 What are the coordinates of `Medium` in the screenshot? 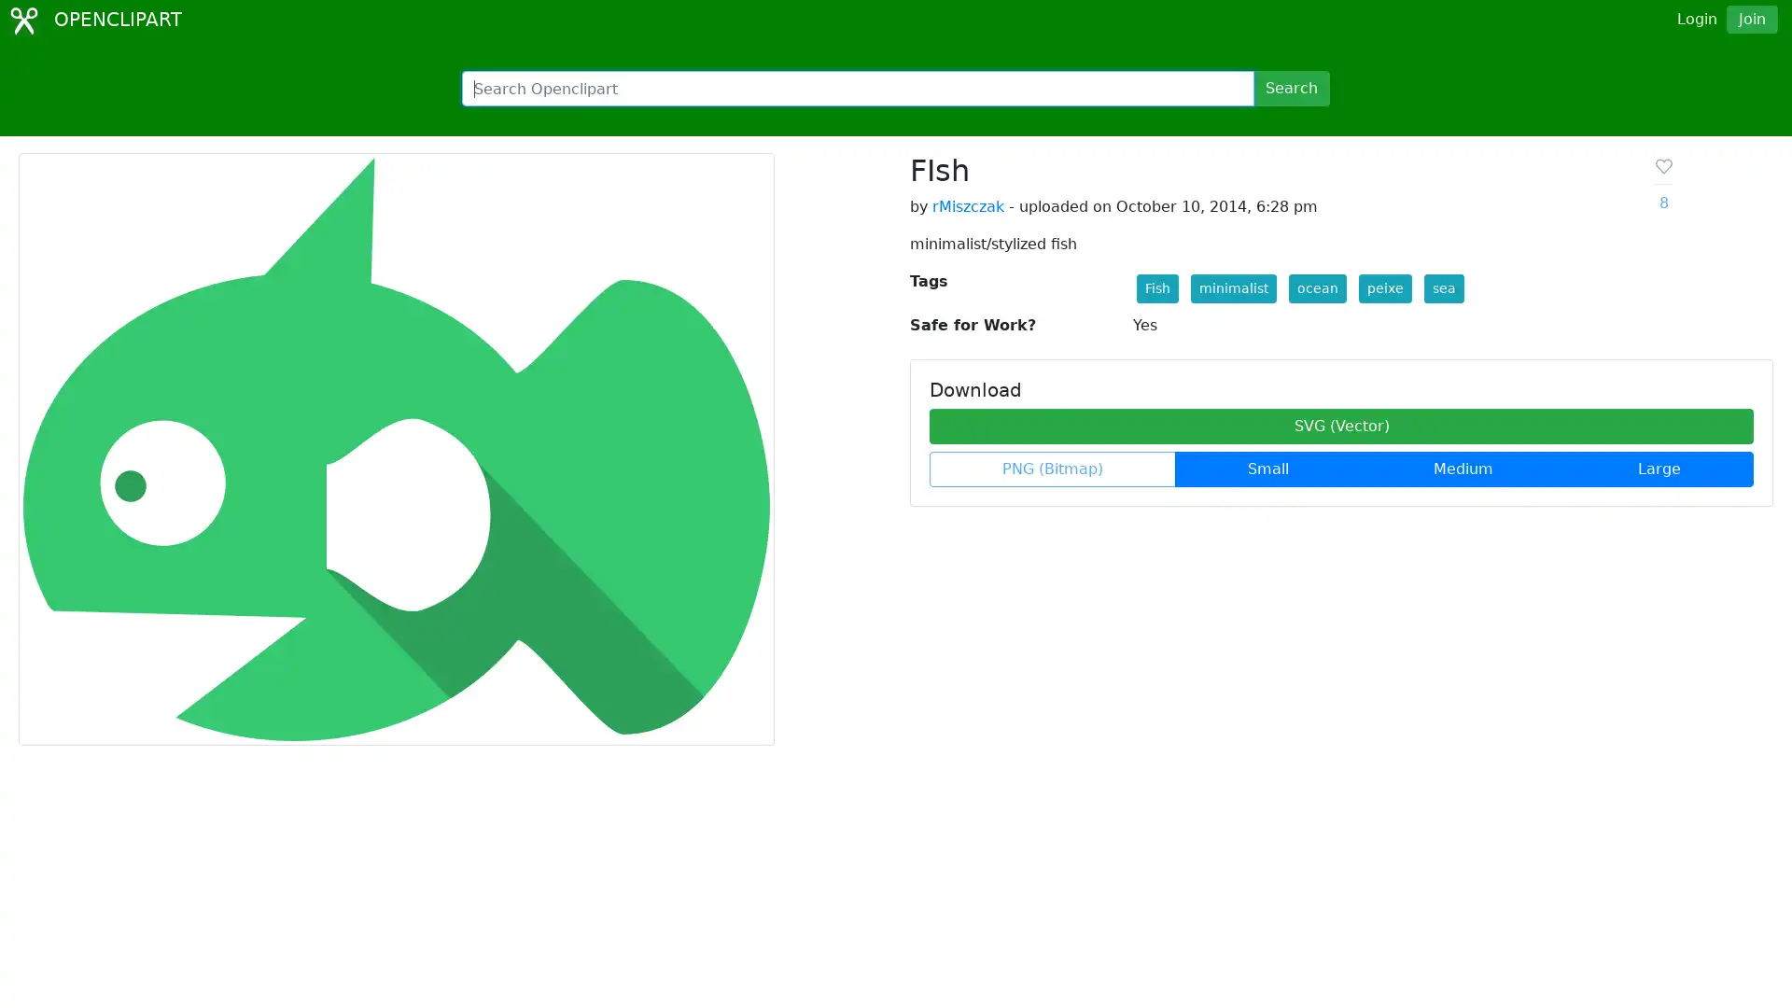 It's located at (1463, 468).